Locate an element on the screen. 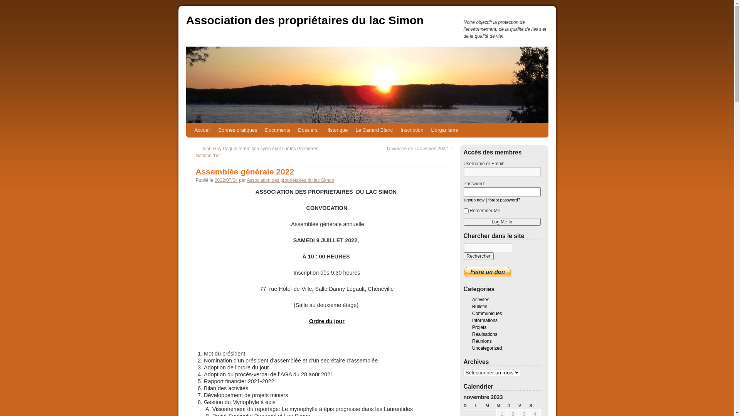 Image resolution: width=740 pixels, height=416 pixels. 'Bulletin' is located at coordinates (471, 306).